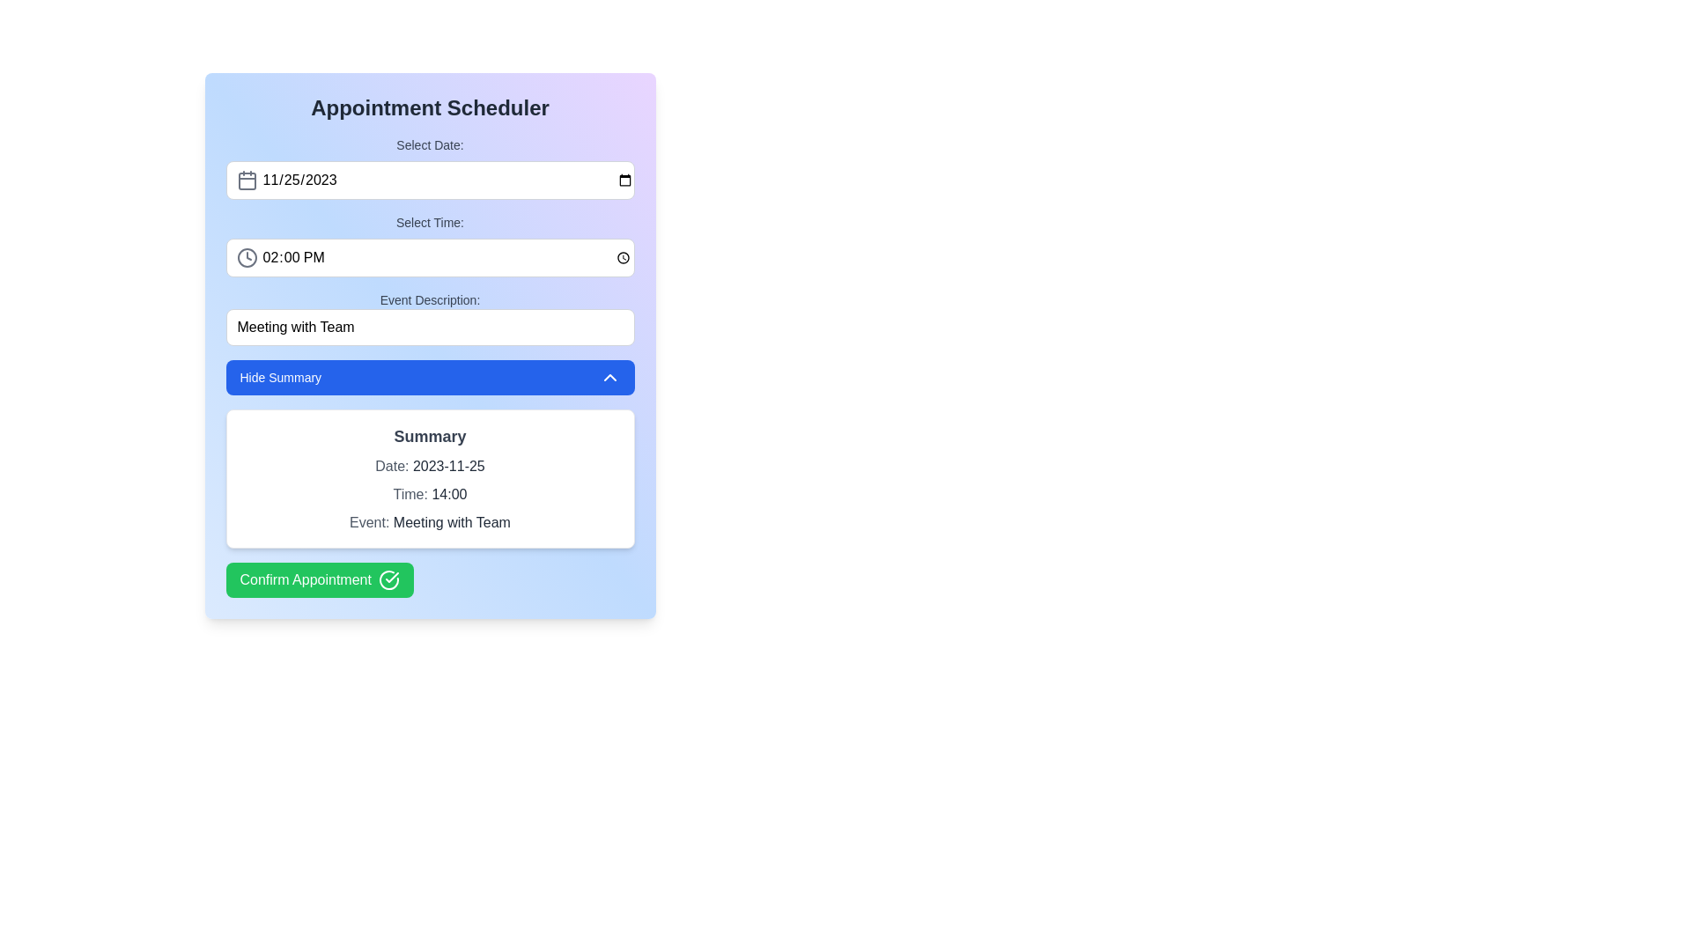 The height and width of the screenshot is (951, 1691). Describe the element at coordinates (430, 168) in the screenshot. I see `the label displaying the text 'Select Date:', which is located above the date-picker input field in the form` at that location.